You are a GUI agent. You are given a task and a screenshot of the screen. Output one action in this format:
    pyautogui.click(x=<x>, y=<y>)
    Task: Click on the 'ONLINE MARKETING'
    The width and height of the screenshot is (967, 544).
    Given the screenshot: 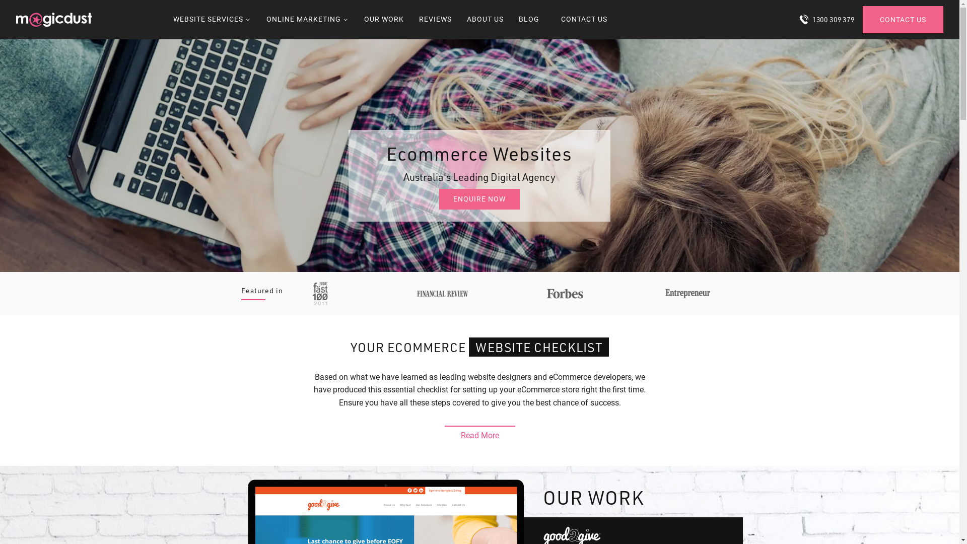 What is the action you would take?
    pyautogui.click(x=307, y=19)
    